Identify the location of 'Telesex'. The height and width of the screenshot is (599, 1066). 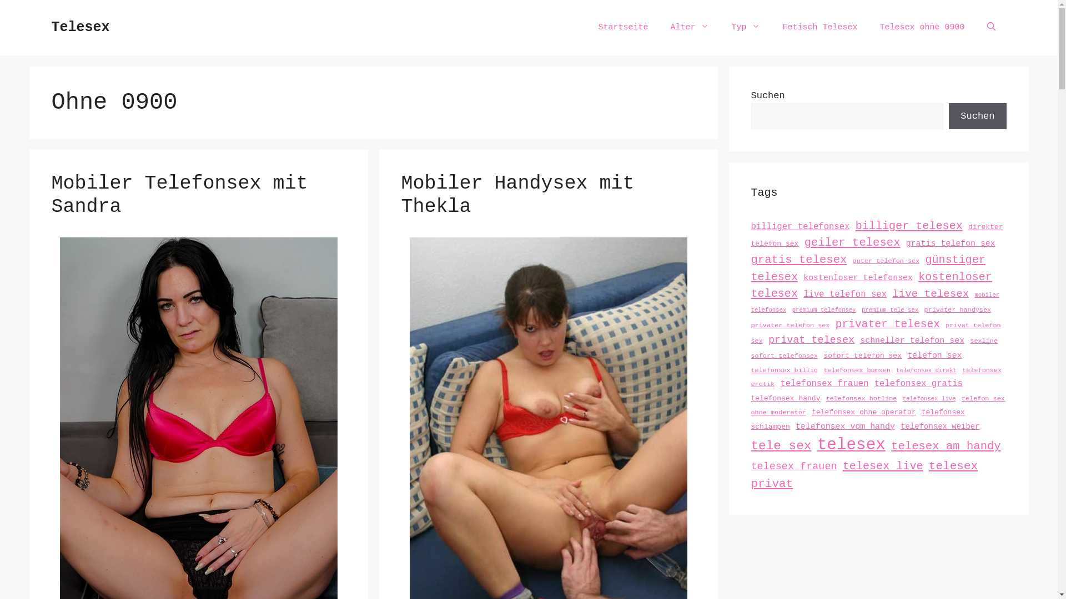
(79, 27).